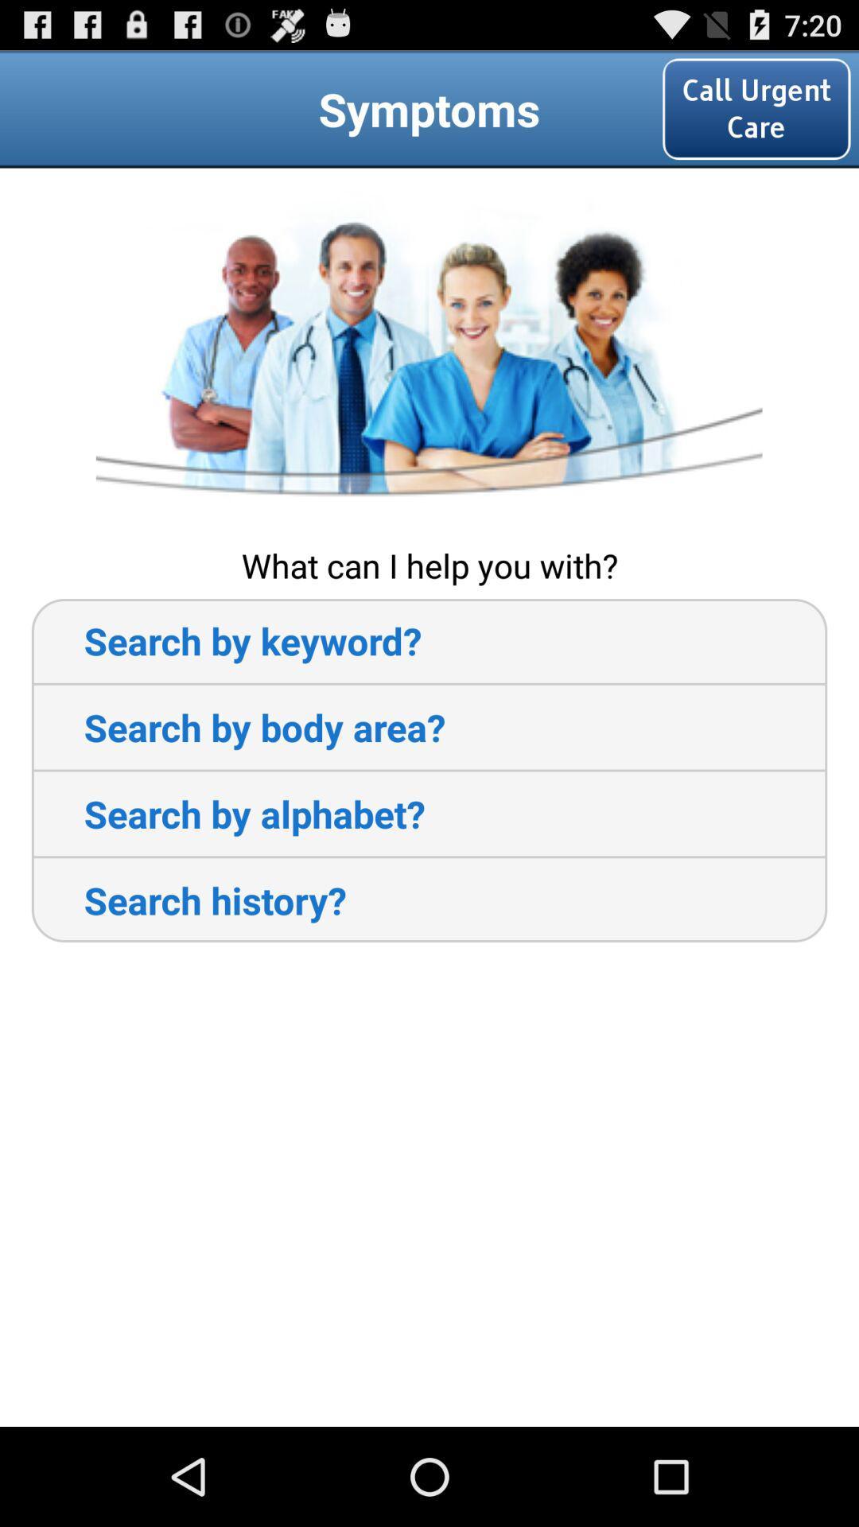 This screenshot has height=1527, width=859. I want to click on the call urgent care item, so click(756, 108).